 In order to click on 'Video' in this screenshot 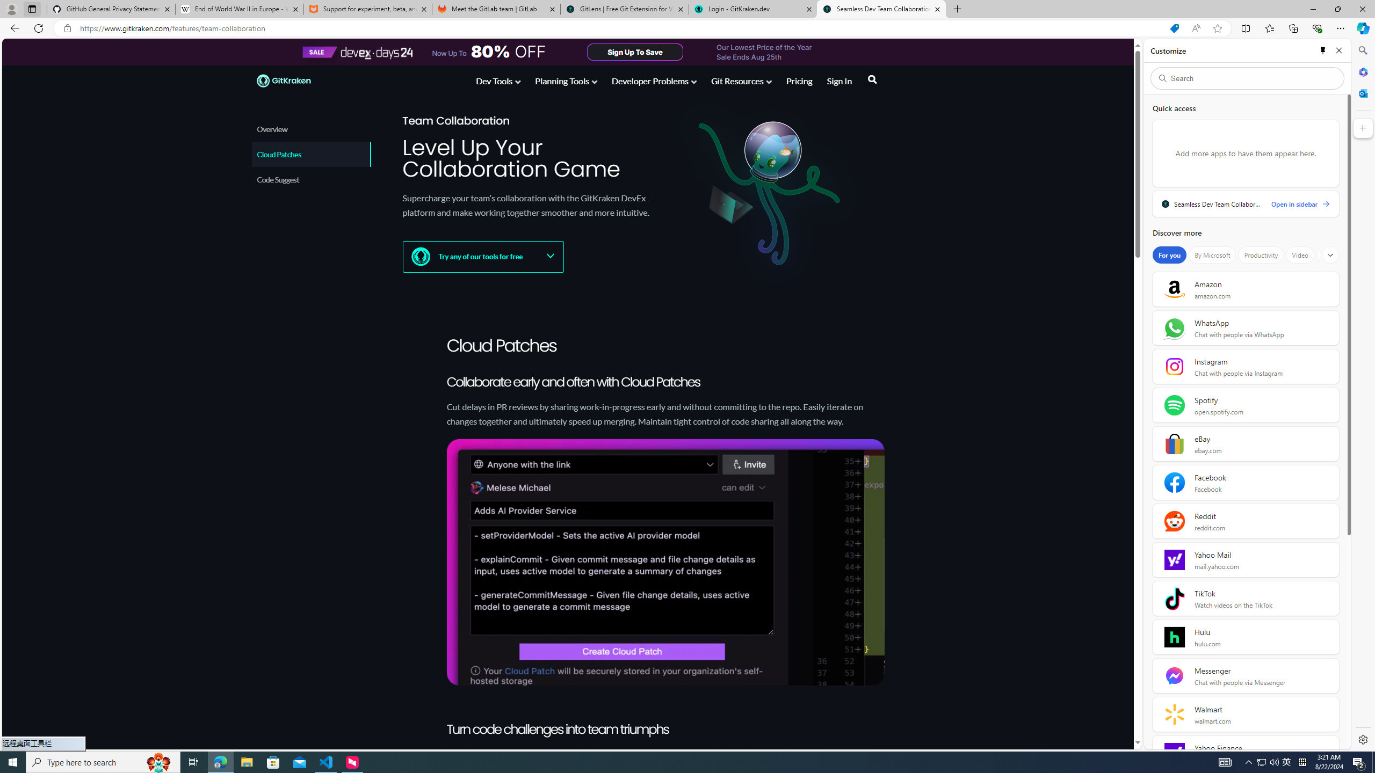, I will do `click(1300, 254)`.